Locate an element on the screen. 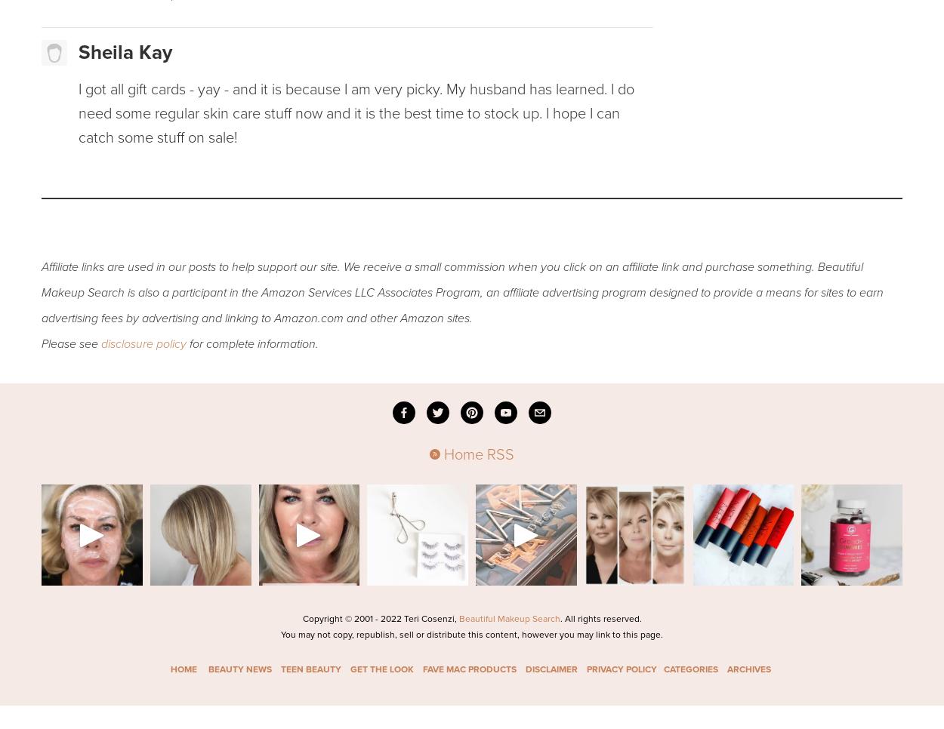 The height and width of the screenshot is (729, 944). 'BEAUTY NEWS' is located at coordinates (208, 669).